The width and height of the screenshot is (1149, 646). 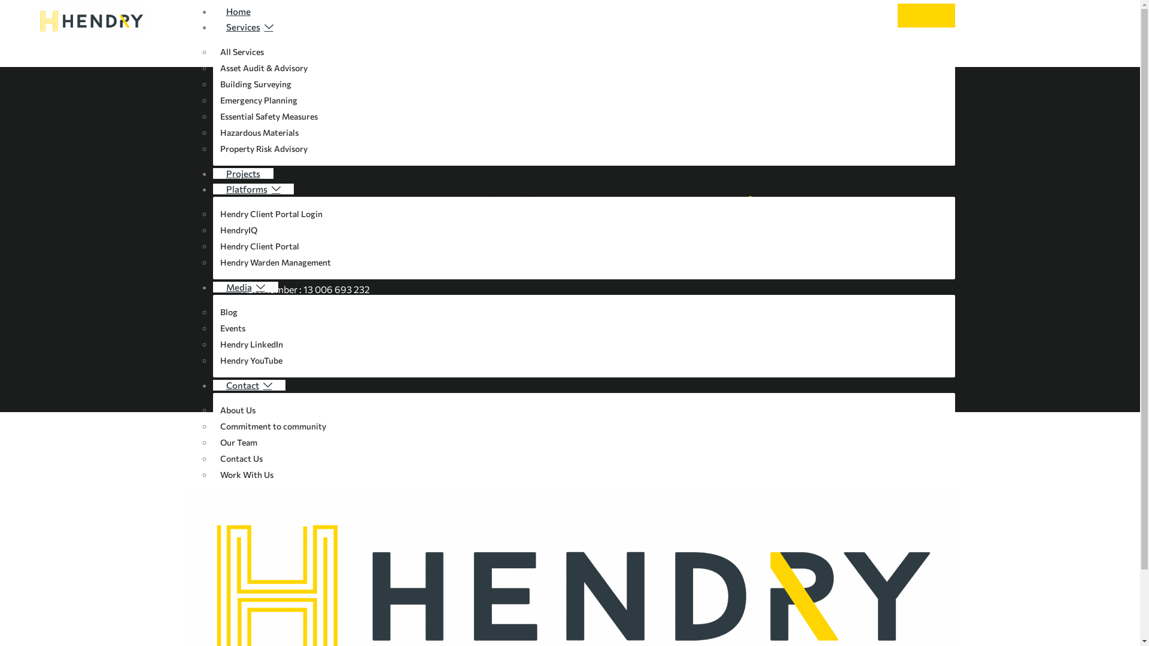 I want to click on 'Events', so click(x=232, y=328).